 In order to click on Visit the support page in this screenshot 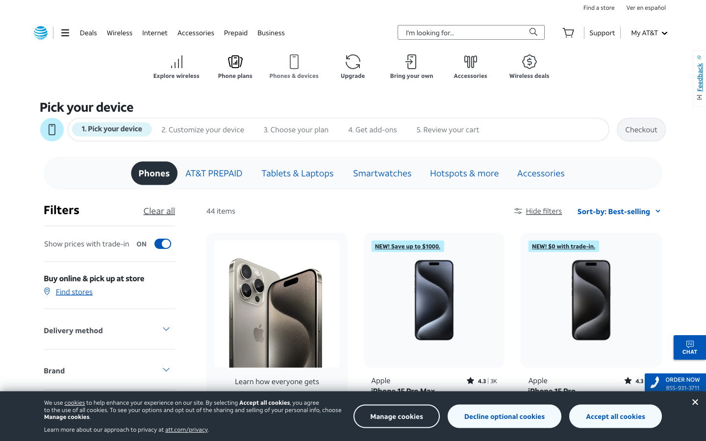, I will do `click(602, 32)`.